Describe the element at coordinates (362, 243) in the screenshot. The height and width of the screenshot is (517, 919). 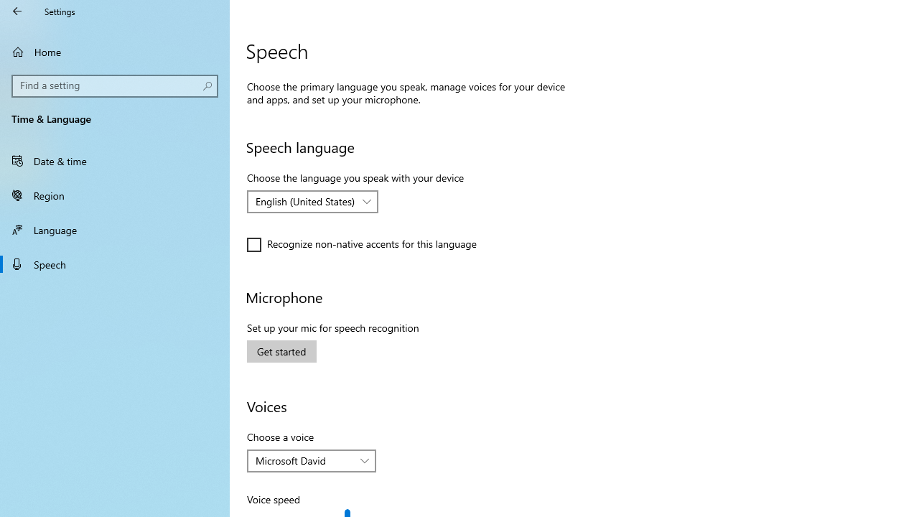
I see `'Recognize non-native accents for this language'` at that location.